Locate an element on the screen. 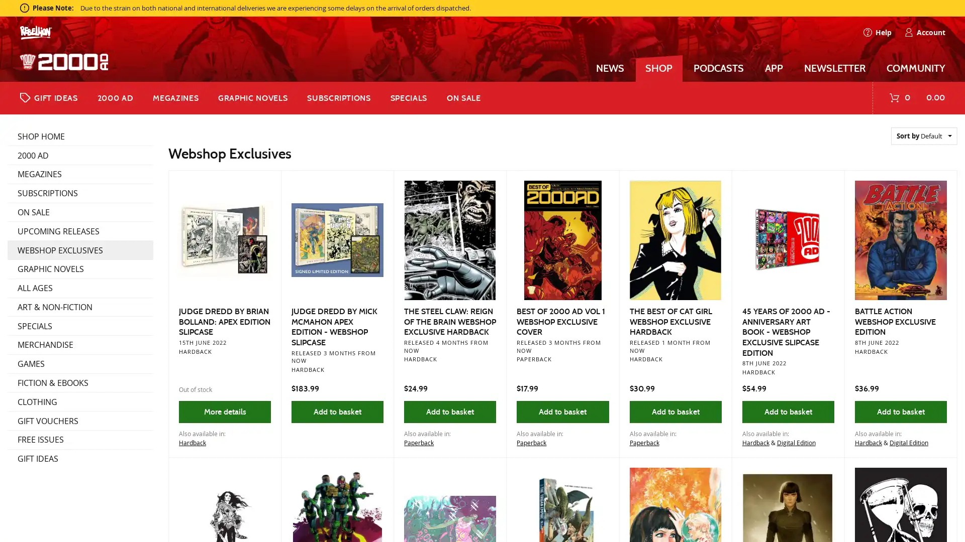 This screenshot has height=542, width=965. Add to basket is located at coordinates (787, 412).